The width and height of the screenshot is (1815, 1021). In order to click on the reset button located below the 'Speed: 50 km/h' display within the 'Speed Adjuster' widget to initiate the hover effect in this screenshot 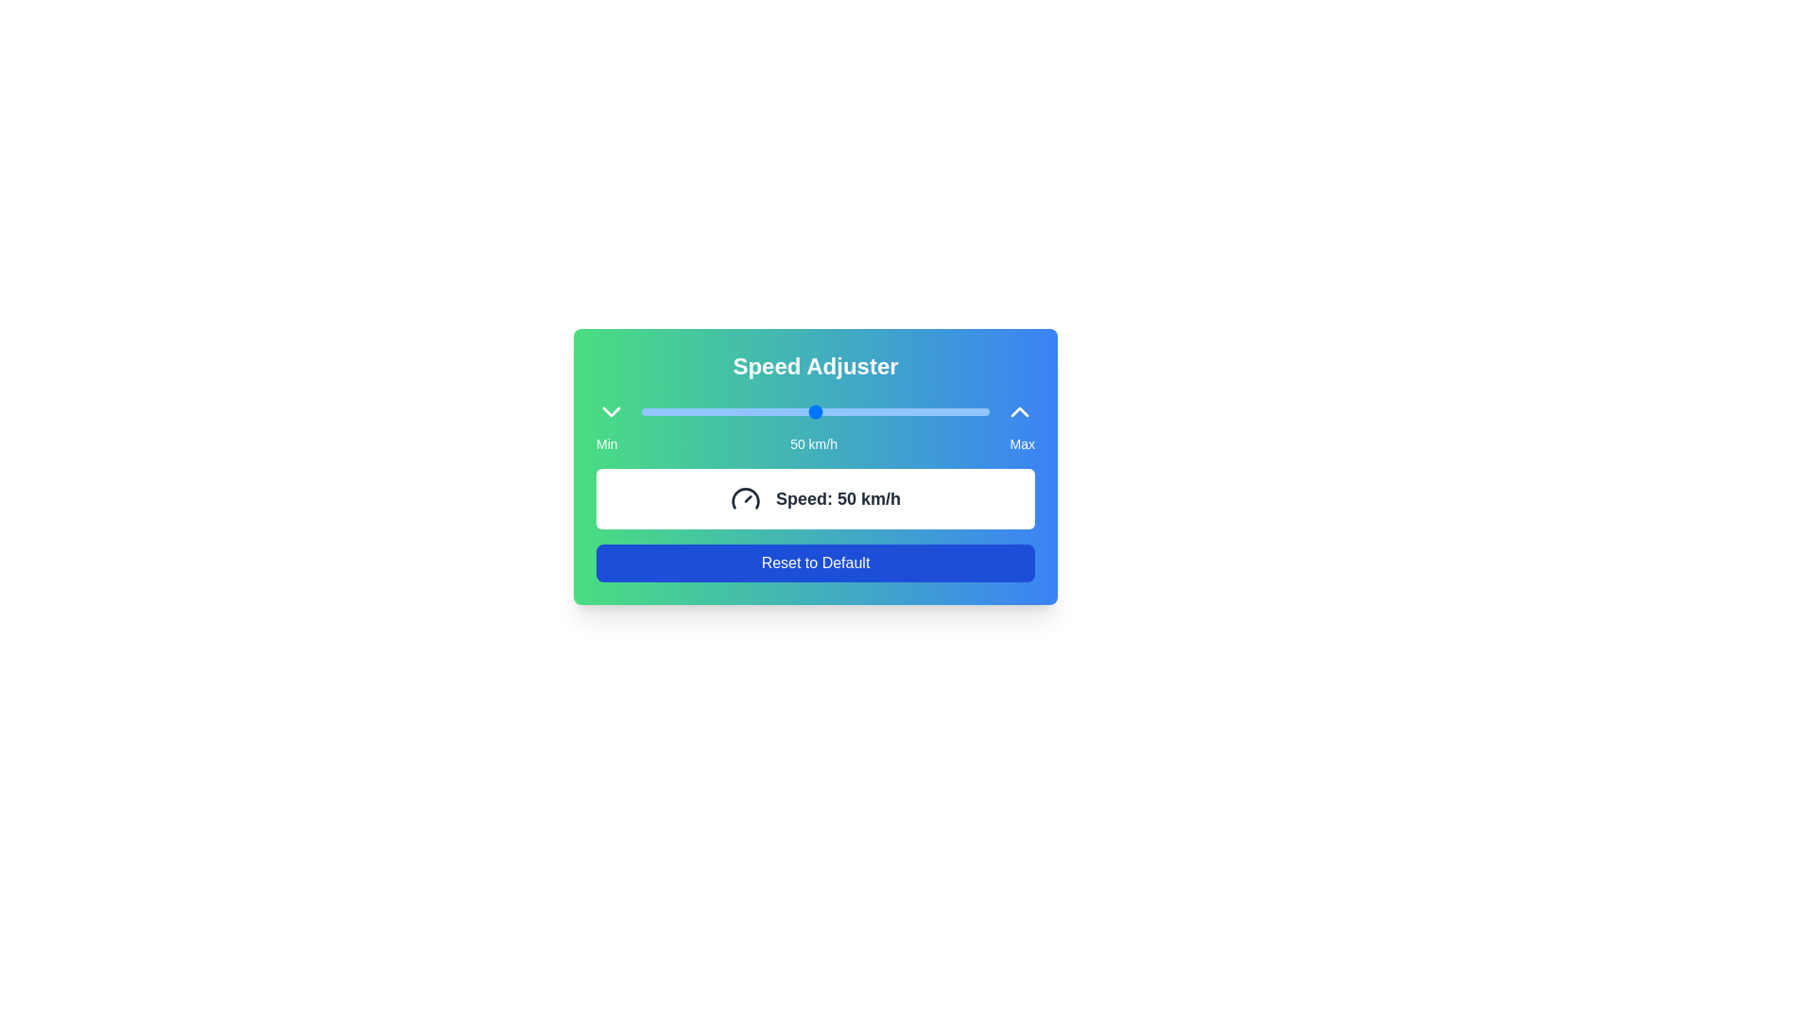, I will do `click(816, 562)`.